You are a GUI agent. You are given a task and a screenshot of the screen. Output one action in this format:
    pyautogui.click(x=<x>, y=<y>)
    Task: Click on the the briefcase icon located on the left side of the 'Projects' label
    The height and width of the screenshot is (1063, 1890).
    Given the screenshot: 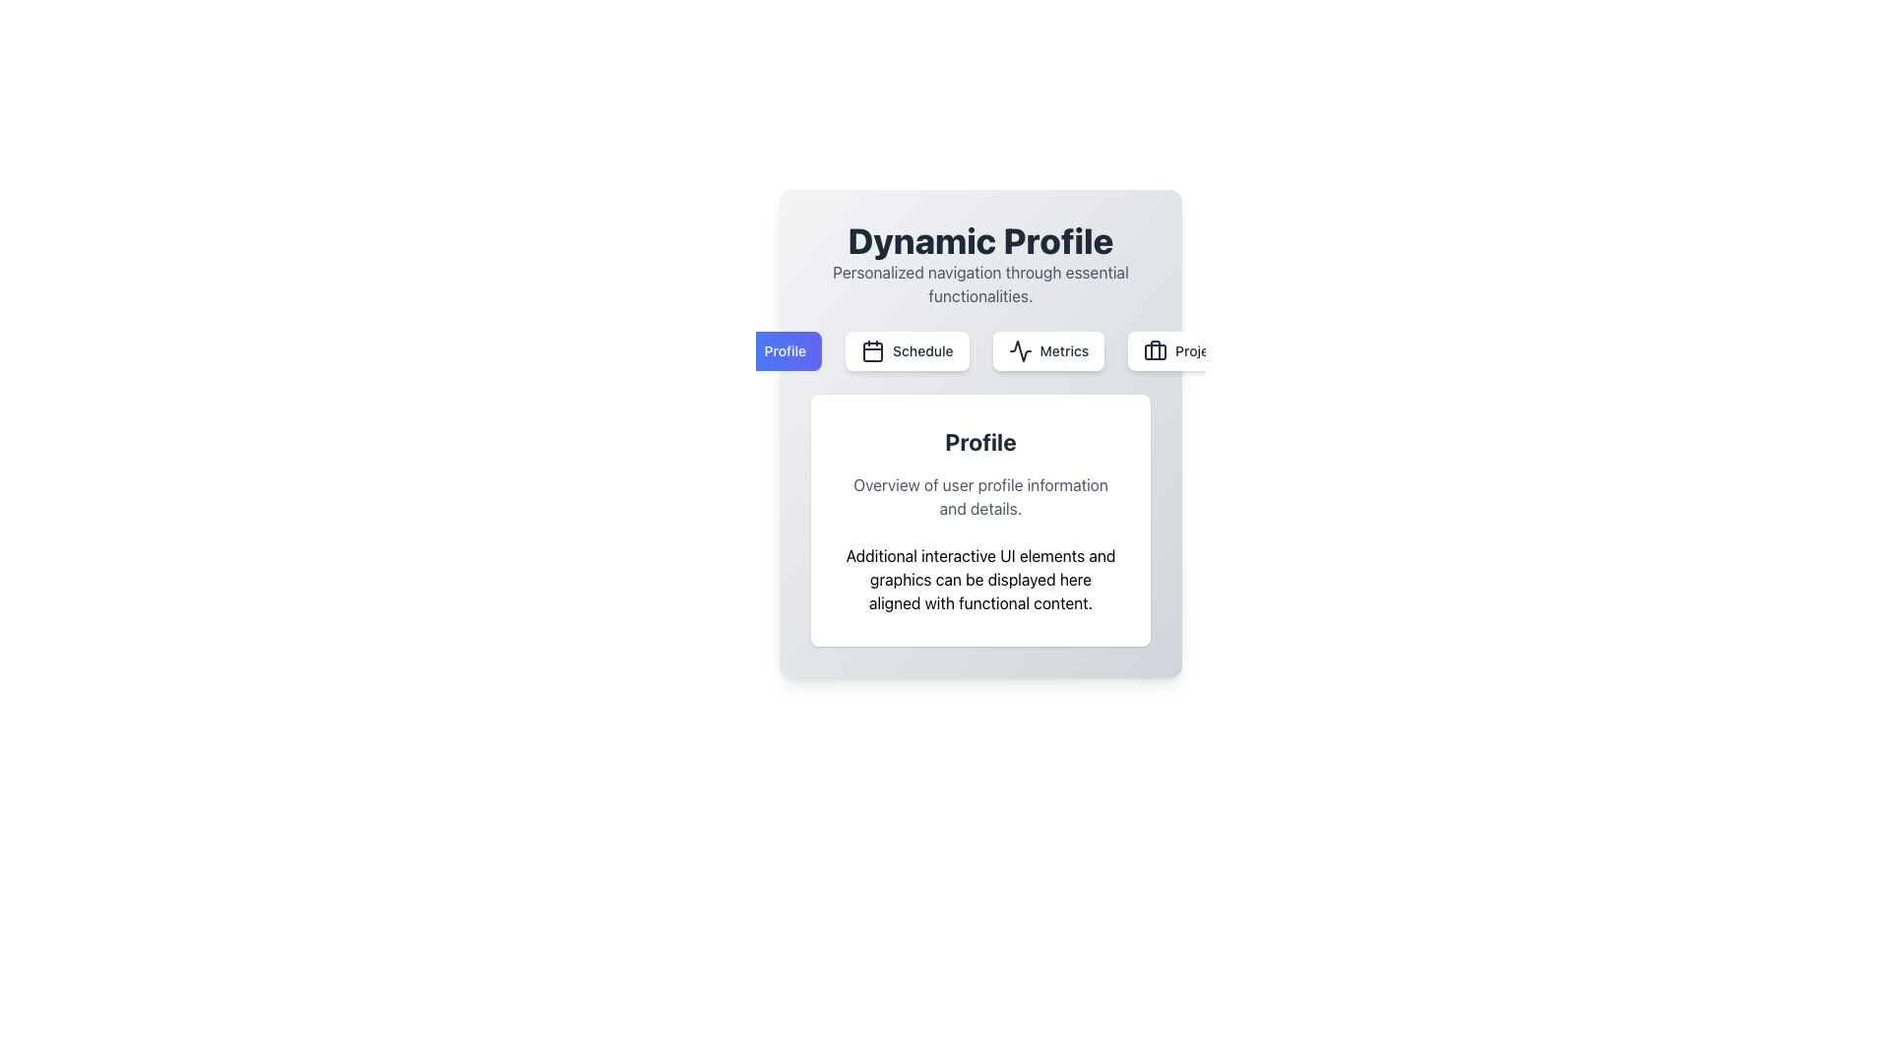 What is the action you would take?
    pyautogui.click(x=1156, y=350)
    